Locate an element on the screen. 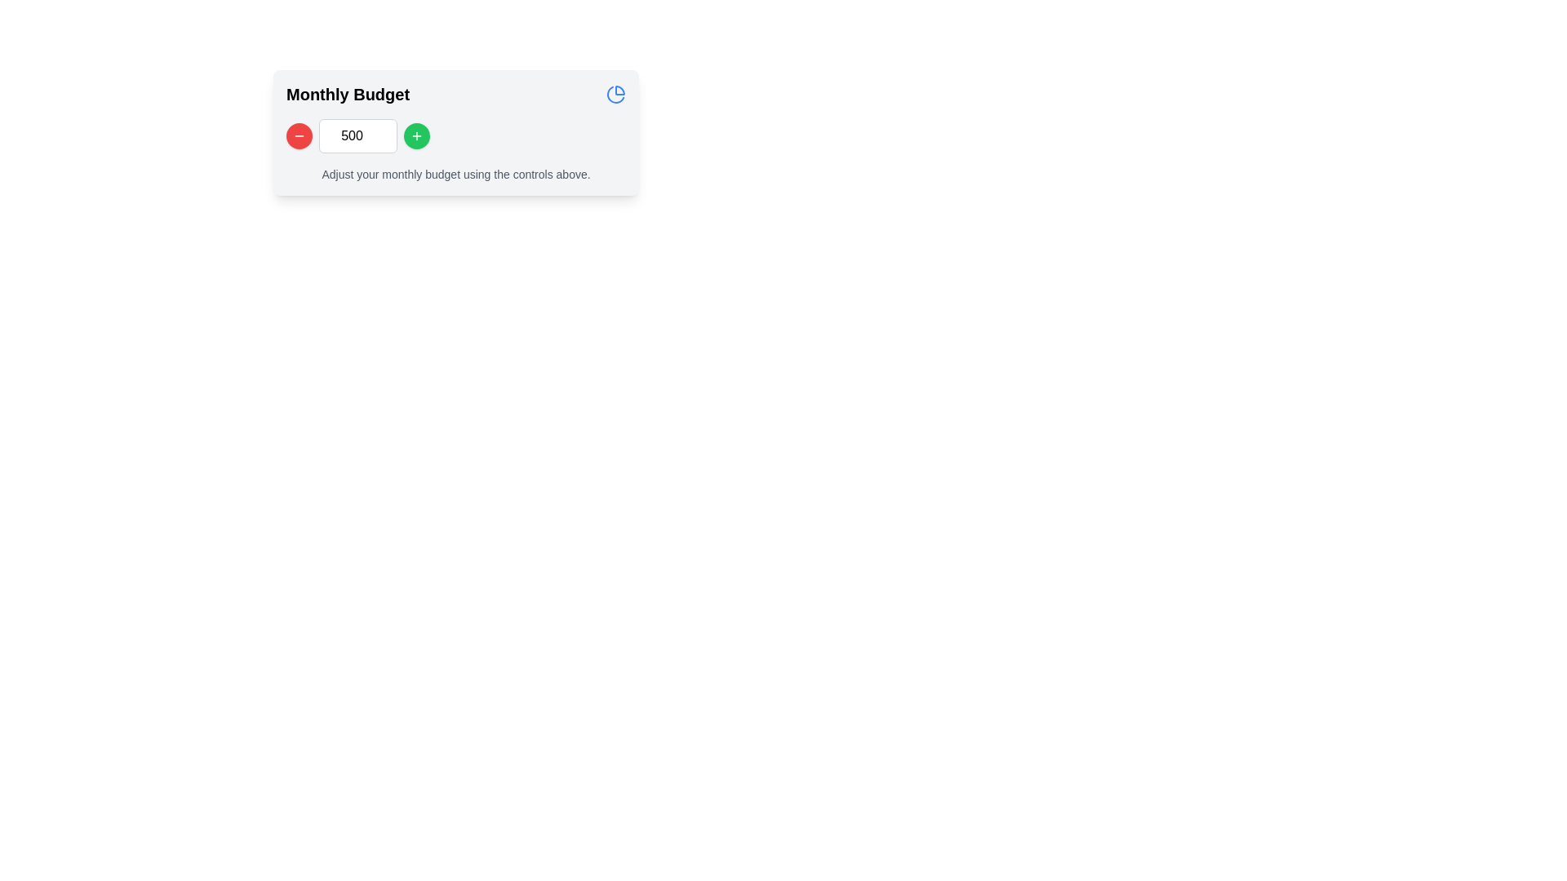 This screenshot has height=881, width=1567. the red circular action button with a minus symbol, located to the left of the number input field labeled '500' is located at coordinates (299, 135).